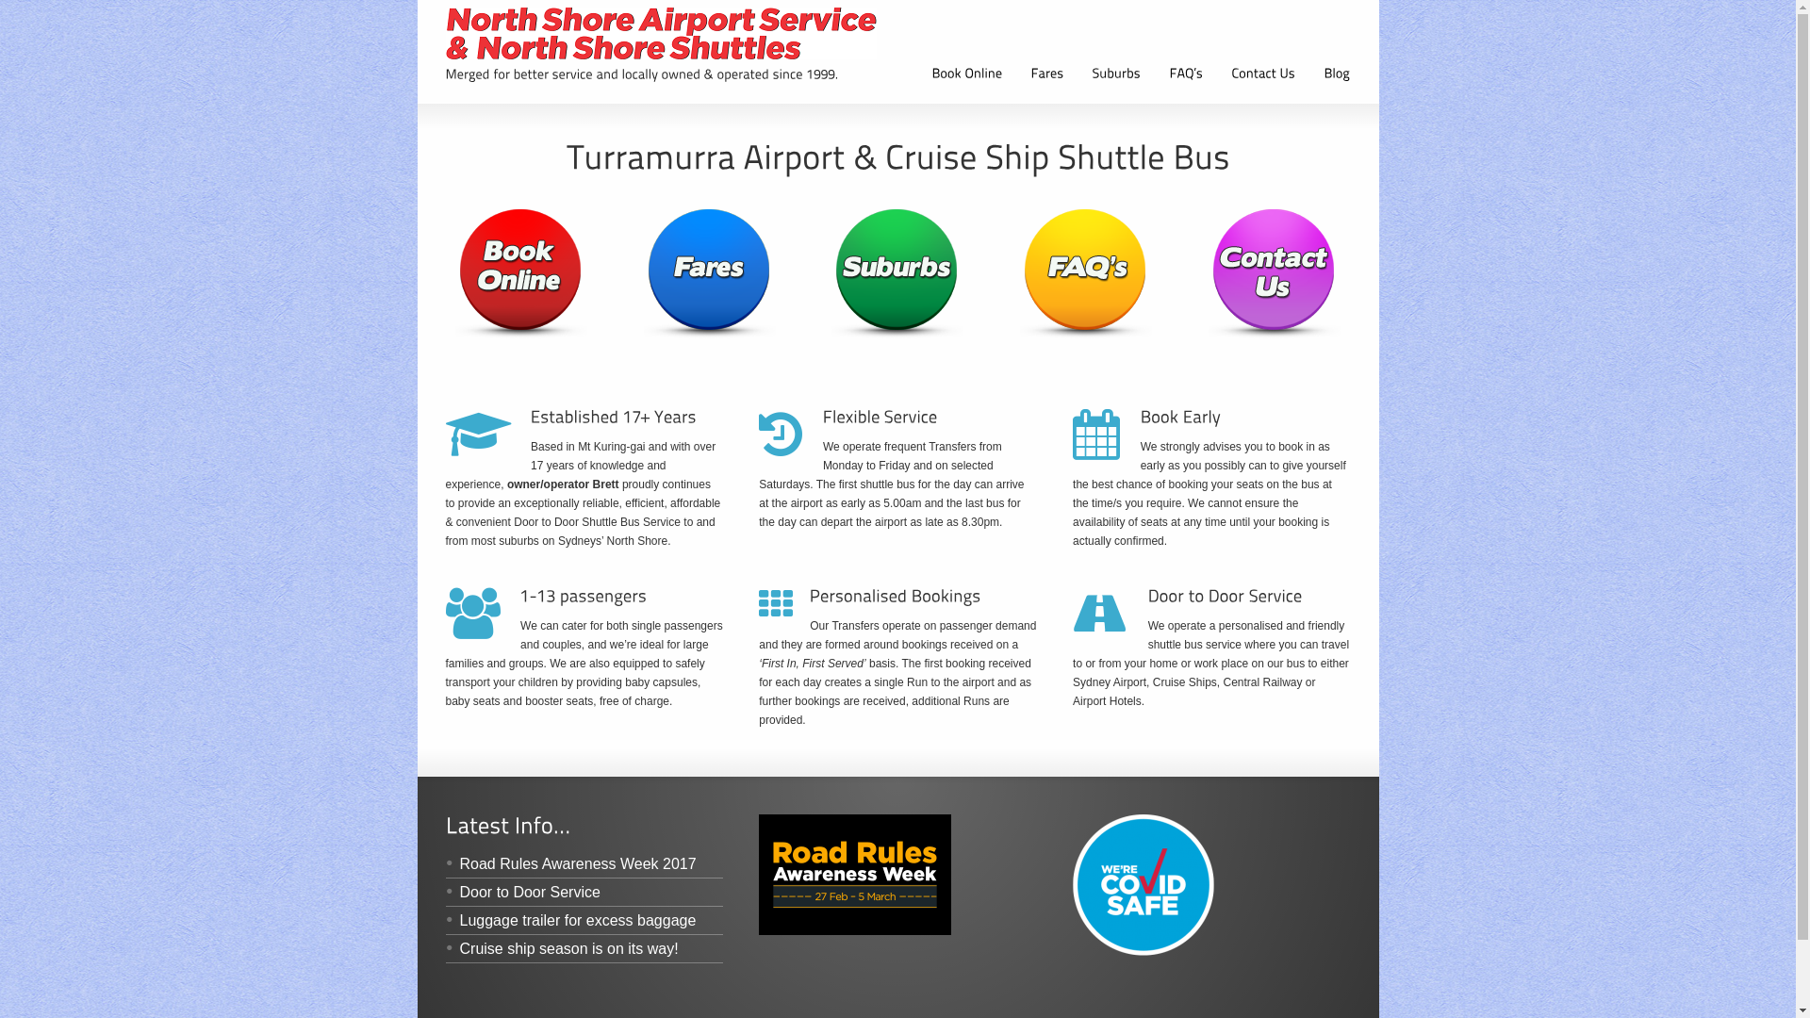  I want to click on 'Luggage trailer for excess baggage', so click(568, 919).